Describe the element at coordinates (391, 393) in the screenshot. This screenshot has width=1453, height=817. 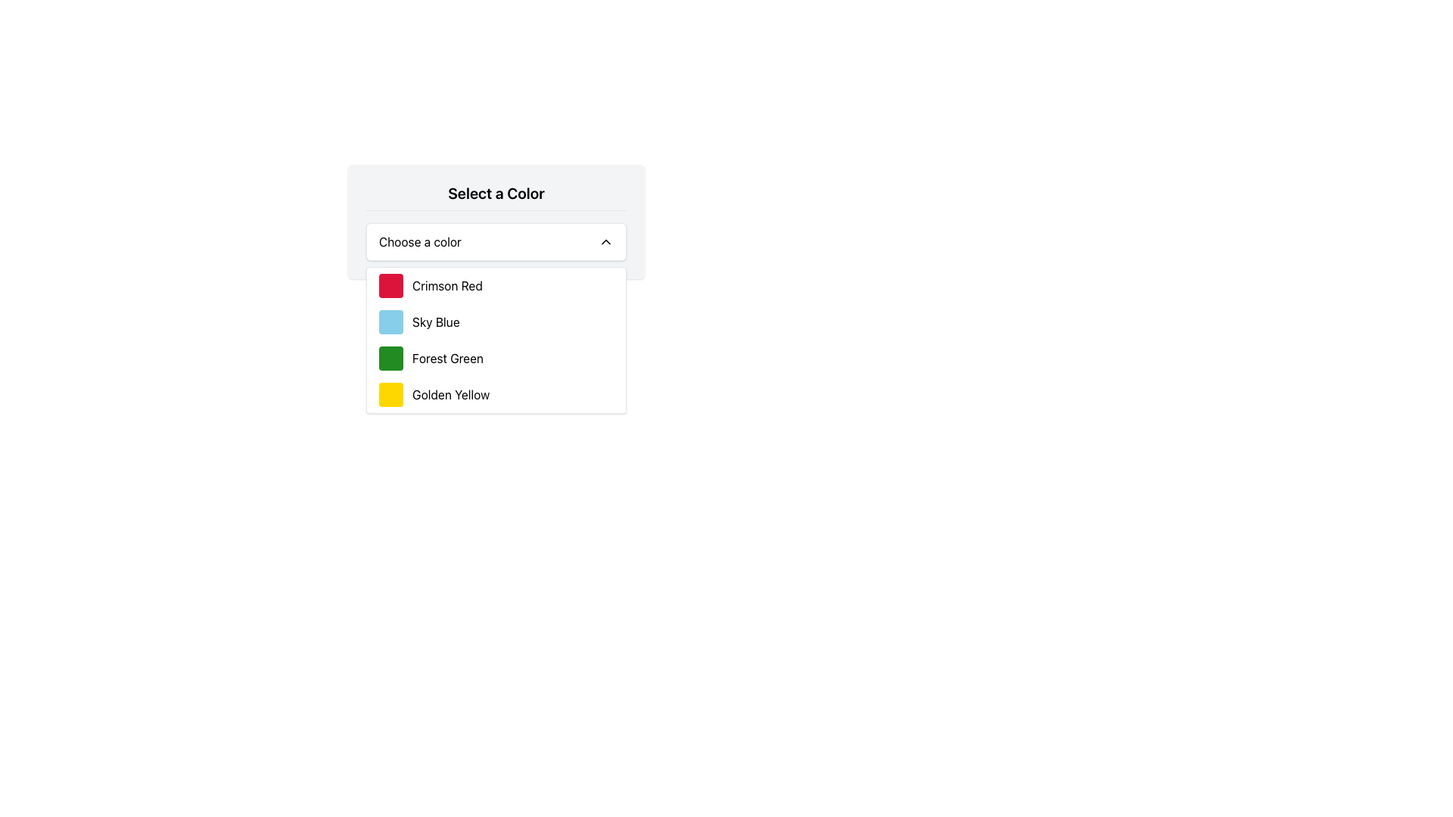
I see `the color swatch indicator, which is a bright golden yellow square with rounded corners, located in the 'Golden Yellow' section of the color options menu` at that location.